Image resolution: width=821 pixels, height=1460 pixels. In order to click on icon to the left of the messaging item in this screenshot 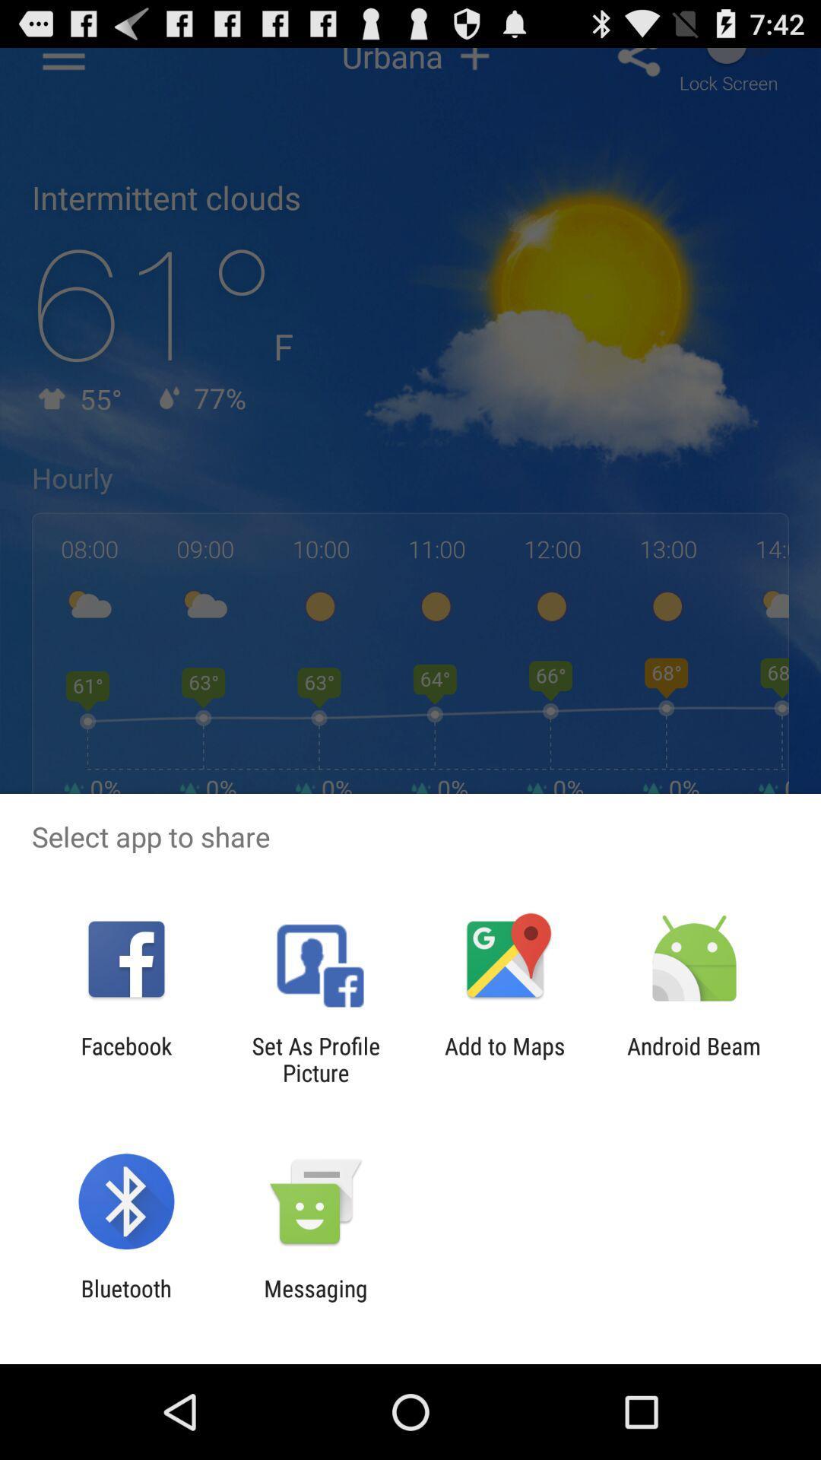, I will do `click(125, 1301)`.